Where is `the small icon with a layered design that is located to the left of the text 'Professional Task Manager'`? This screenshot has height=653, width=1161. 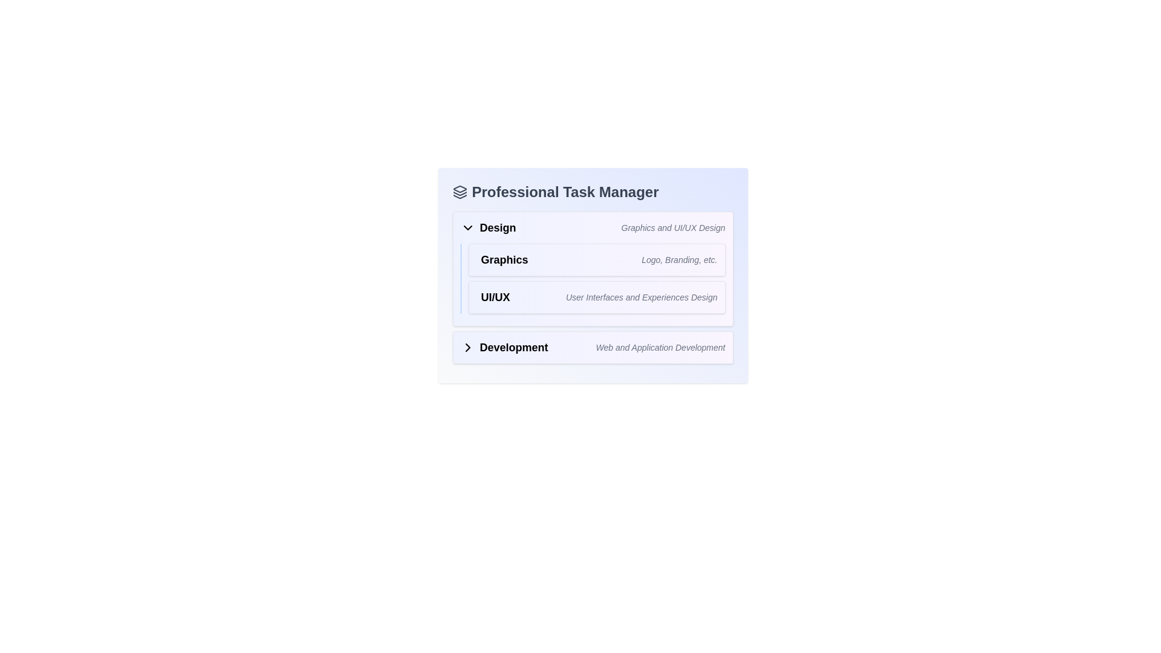 the small icon with a layered design that is located to the left of the text 'Professional Task Manager' is located at coordinates (459, 191).